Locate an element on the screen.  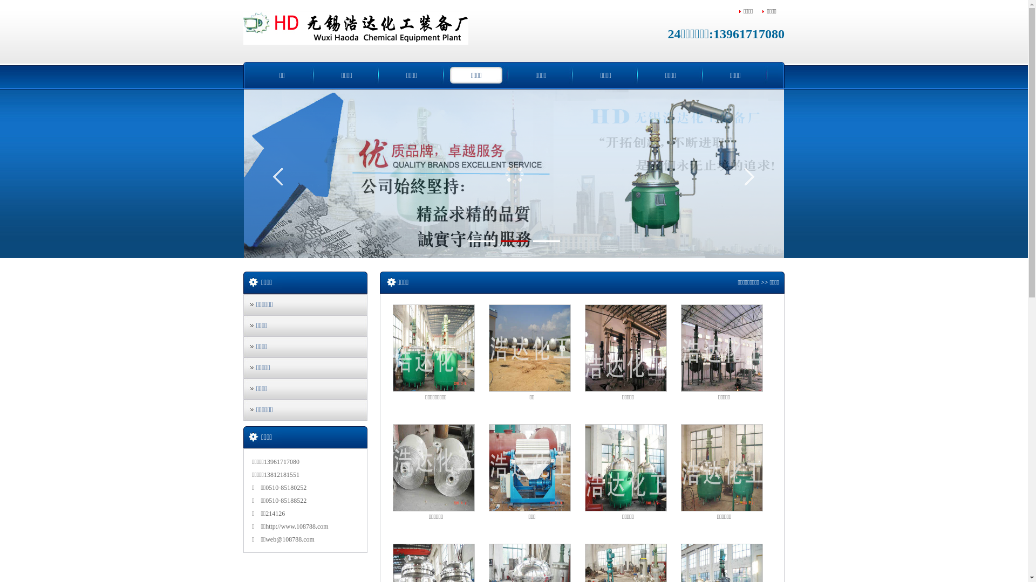
'3' is located at coordinates (546, 240).